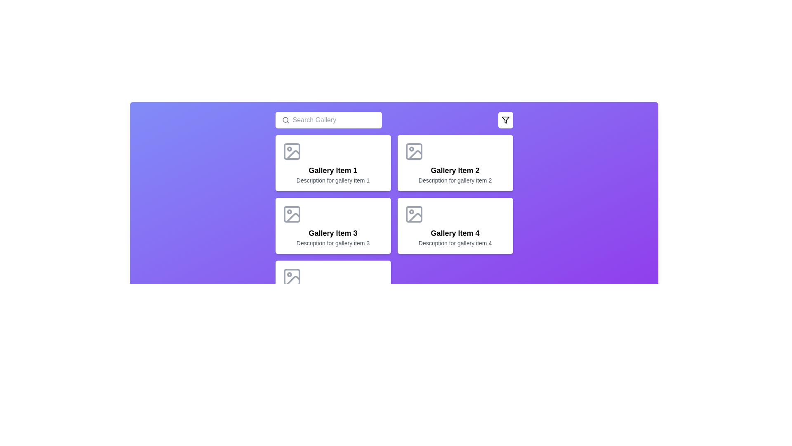 This screenshot has height=446, width=792. Describe the element at coordinates (293, 155) in the screenshot. I see `the decorative icon located in the lower section of the graphical image placeholder of the top-left gallery item card labeled 'Gallery Item 1'` at that location.